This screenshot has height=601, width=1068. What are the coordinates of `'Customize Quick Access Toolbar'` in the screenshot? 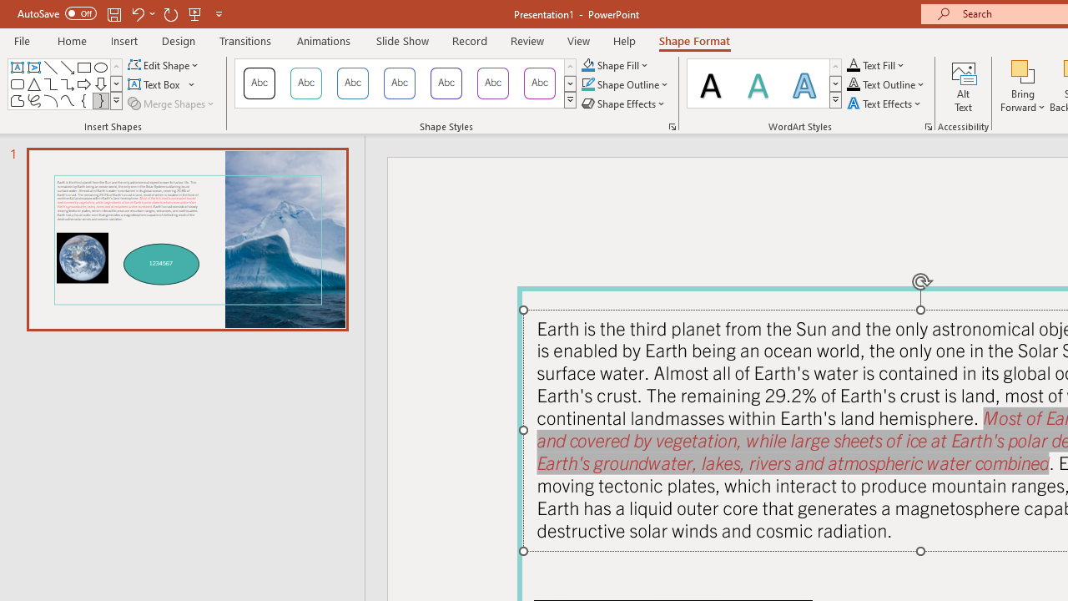 It's located at (219, 13).